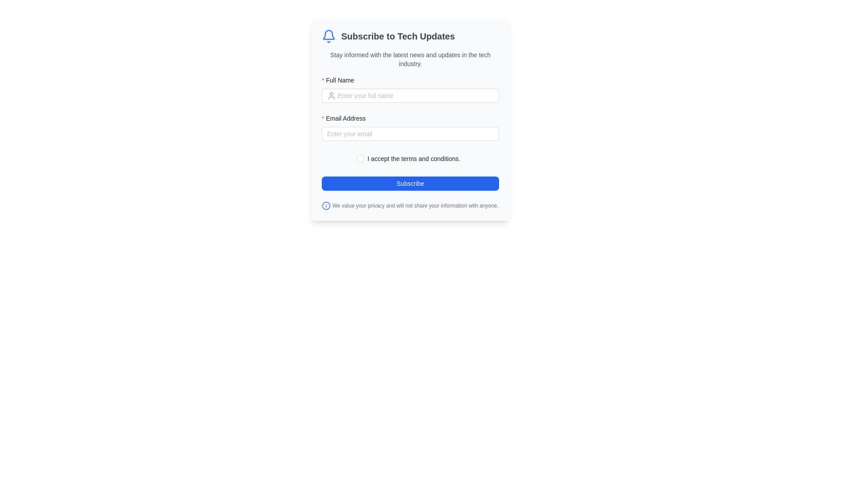 The height and width of the screenshot is (479, 851). Describe the element at coordinates (410, 158) in the screenshot. I see `the hyperlink in the label stating 'I accept the terms and conditions' next to the checkbox in the form UI` at that location.